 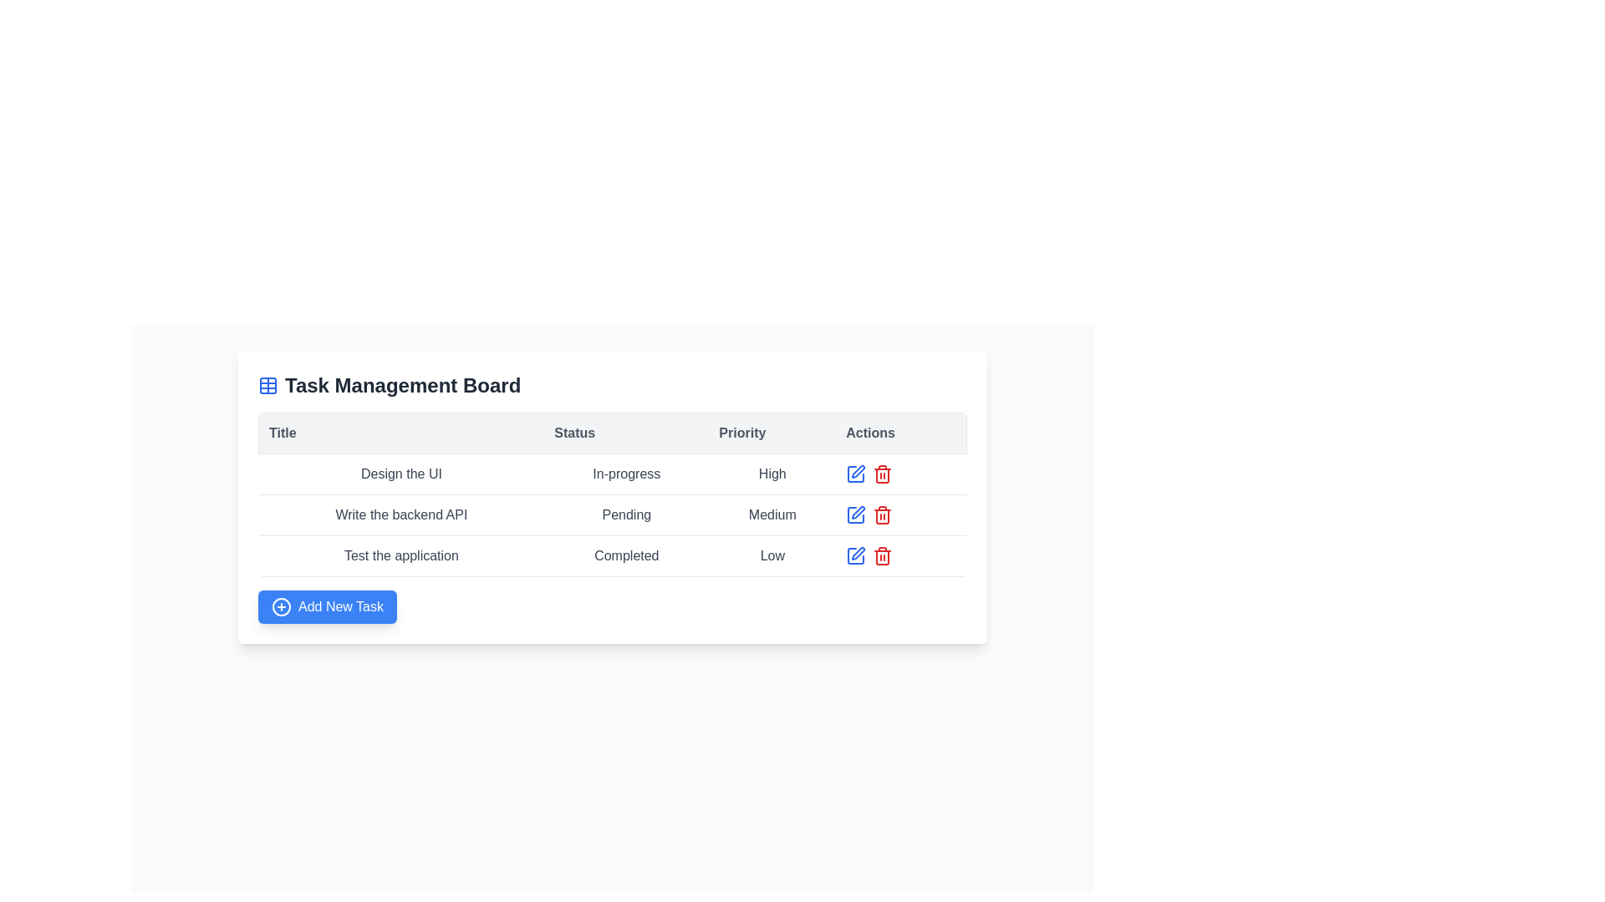 I want to click on the circular icon with a 10-unit radius that is centrally positioned within the 'Add New Task' button located at the bottom-left of the task management board interface, so click(x=281, y=606).